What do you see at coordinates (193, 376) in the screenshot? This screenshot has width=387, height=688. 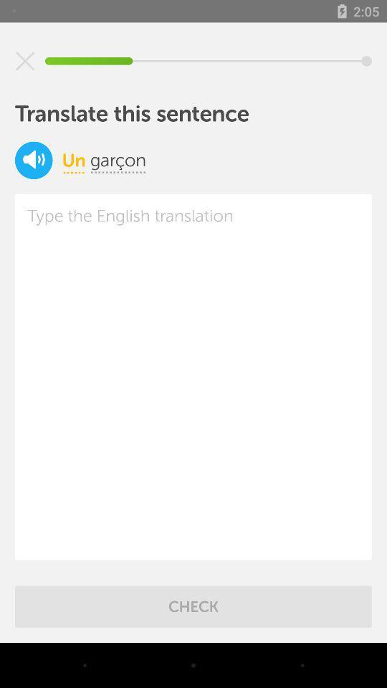 I see `type text` at bounding box center [193, 376].